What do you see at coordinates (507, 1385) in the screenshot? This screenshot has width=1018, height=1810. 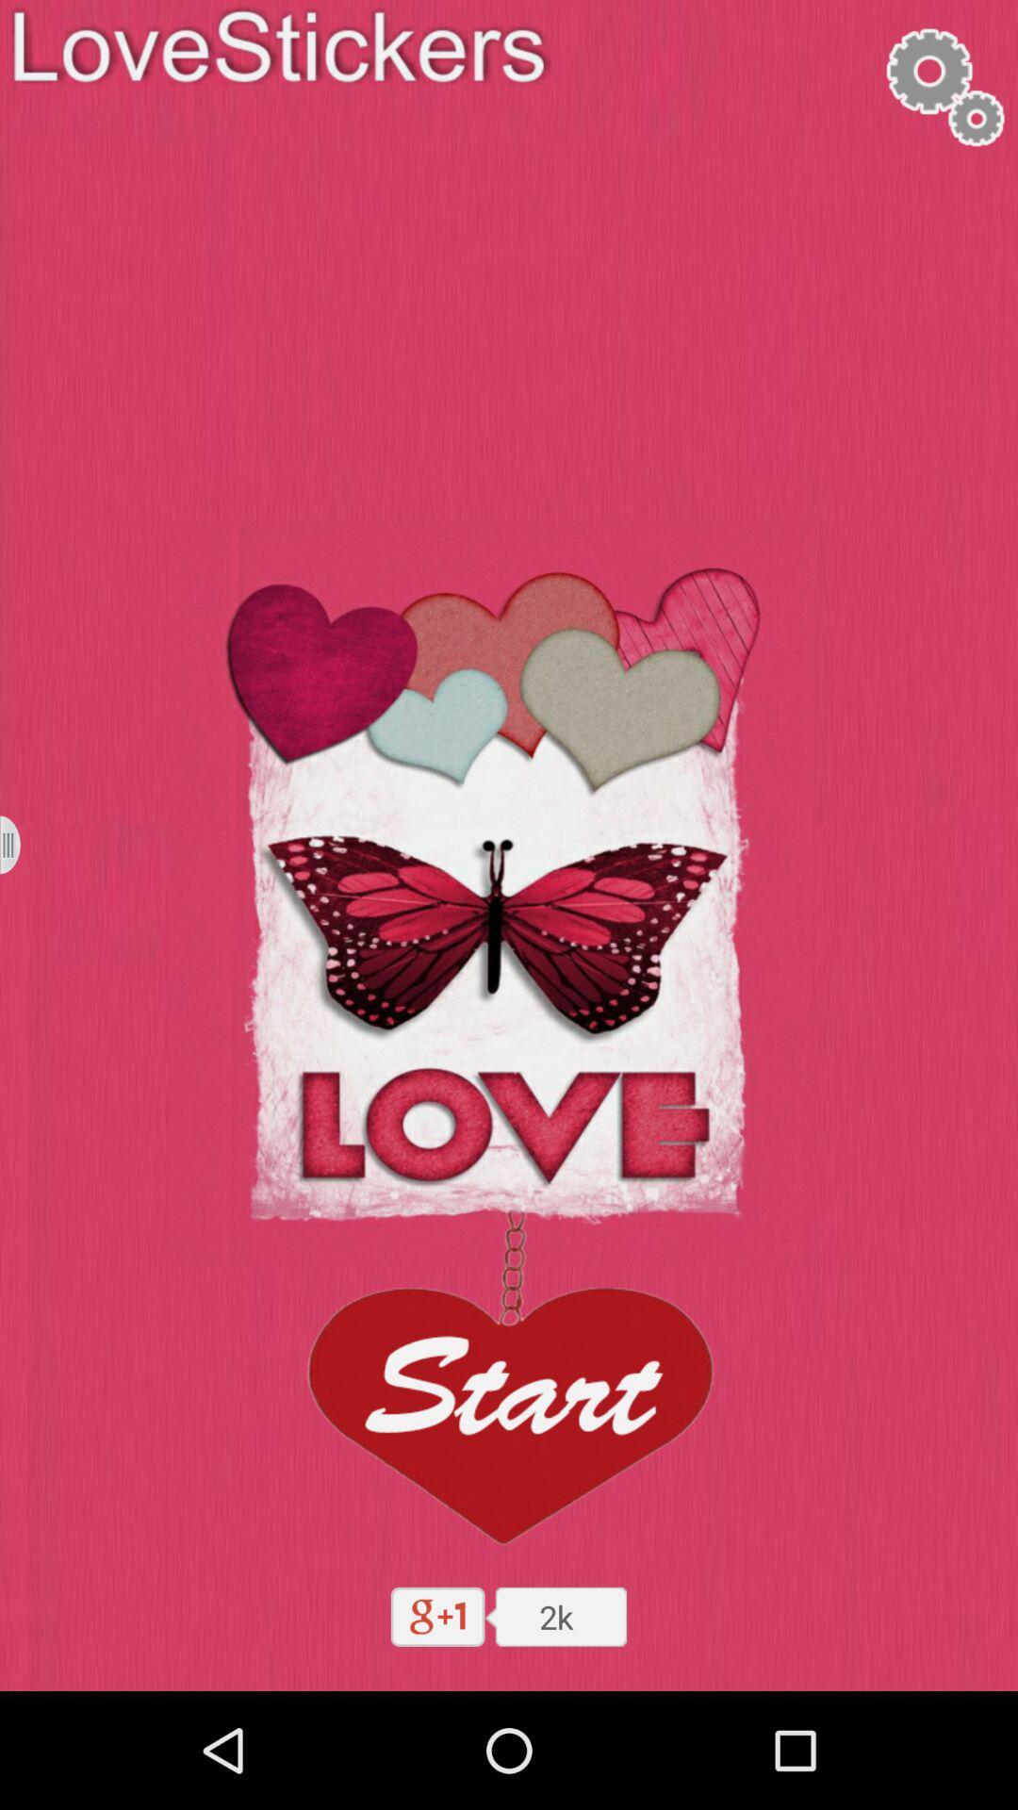 I see `press to start` at bounding box center [507, 1385].